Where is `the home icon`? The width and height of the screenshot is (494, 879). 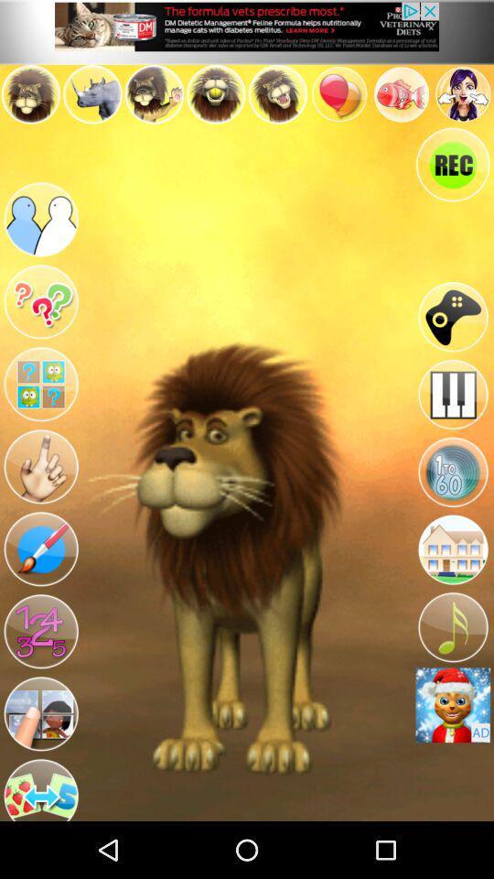
the home icon is located at coordinates (452, 587).